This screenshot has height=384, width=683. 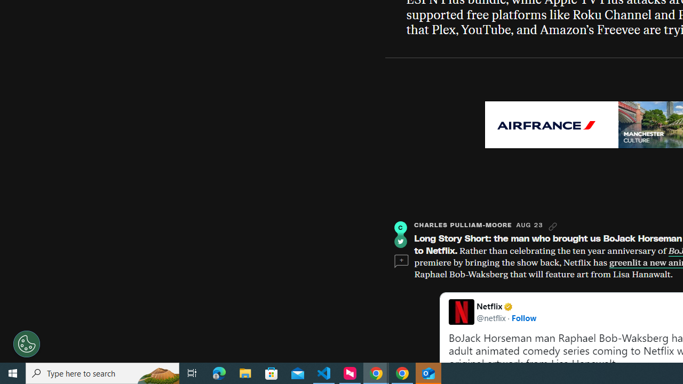 What do you see at coordinates (463, 225) in the screenshot?
I see `'CHARLES PULLIAM-MOORE'` at bounding box center [463, 225].